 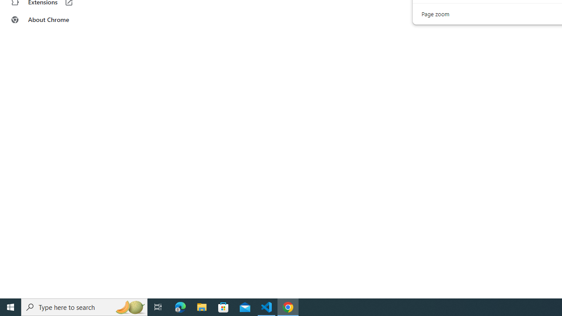 I want to click on 'About Chrome', so click(x=54, y=20).